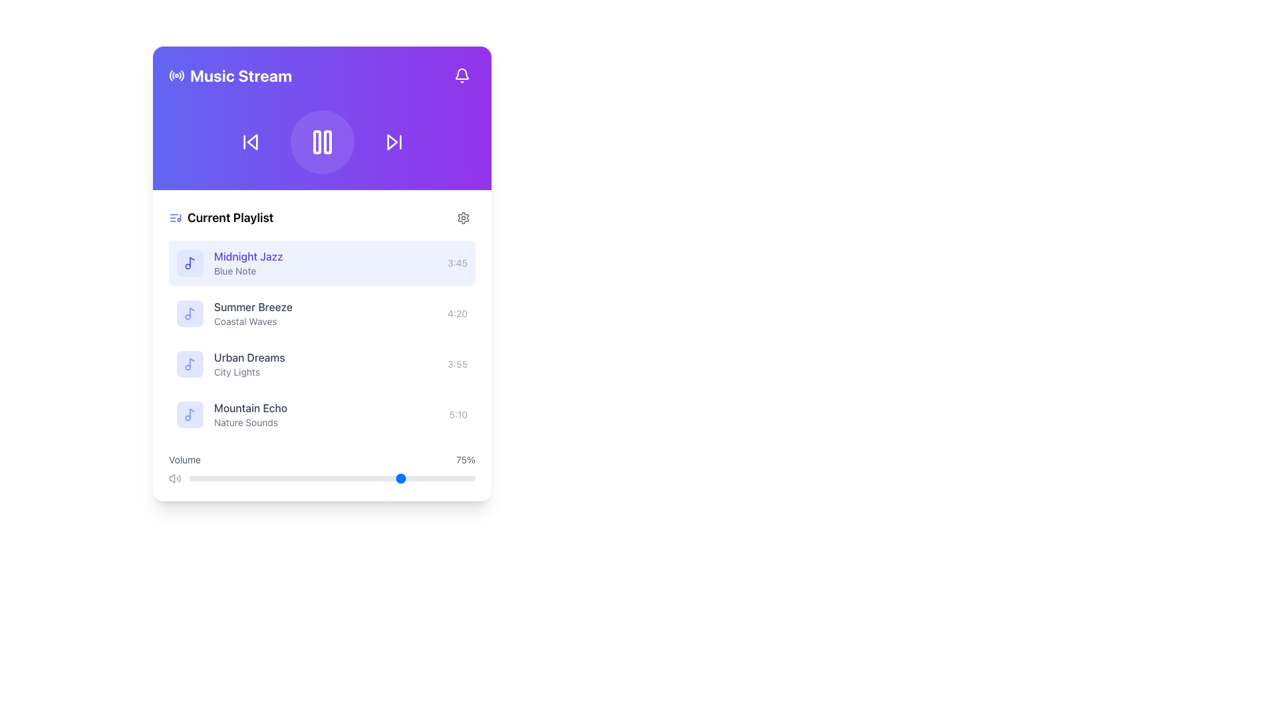 This screenshot has height=718, width=1277. I want to click on the settings icon located at the top-right corner of the 'Current Playlist' area, so click(463, 217).